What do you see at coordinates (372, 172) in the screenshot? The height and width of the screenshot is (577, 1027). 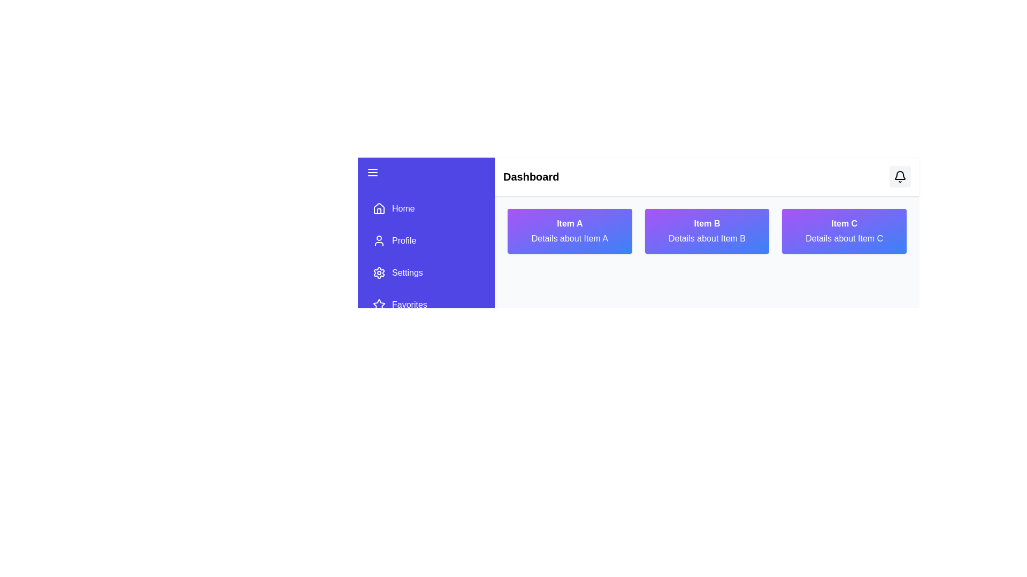 I see `the icon button located at the top of the left vertical sidebar menu` at bounding box center [372, 172].